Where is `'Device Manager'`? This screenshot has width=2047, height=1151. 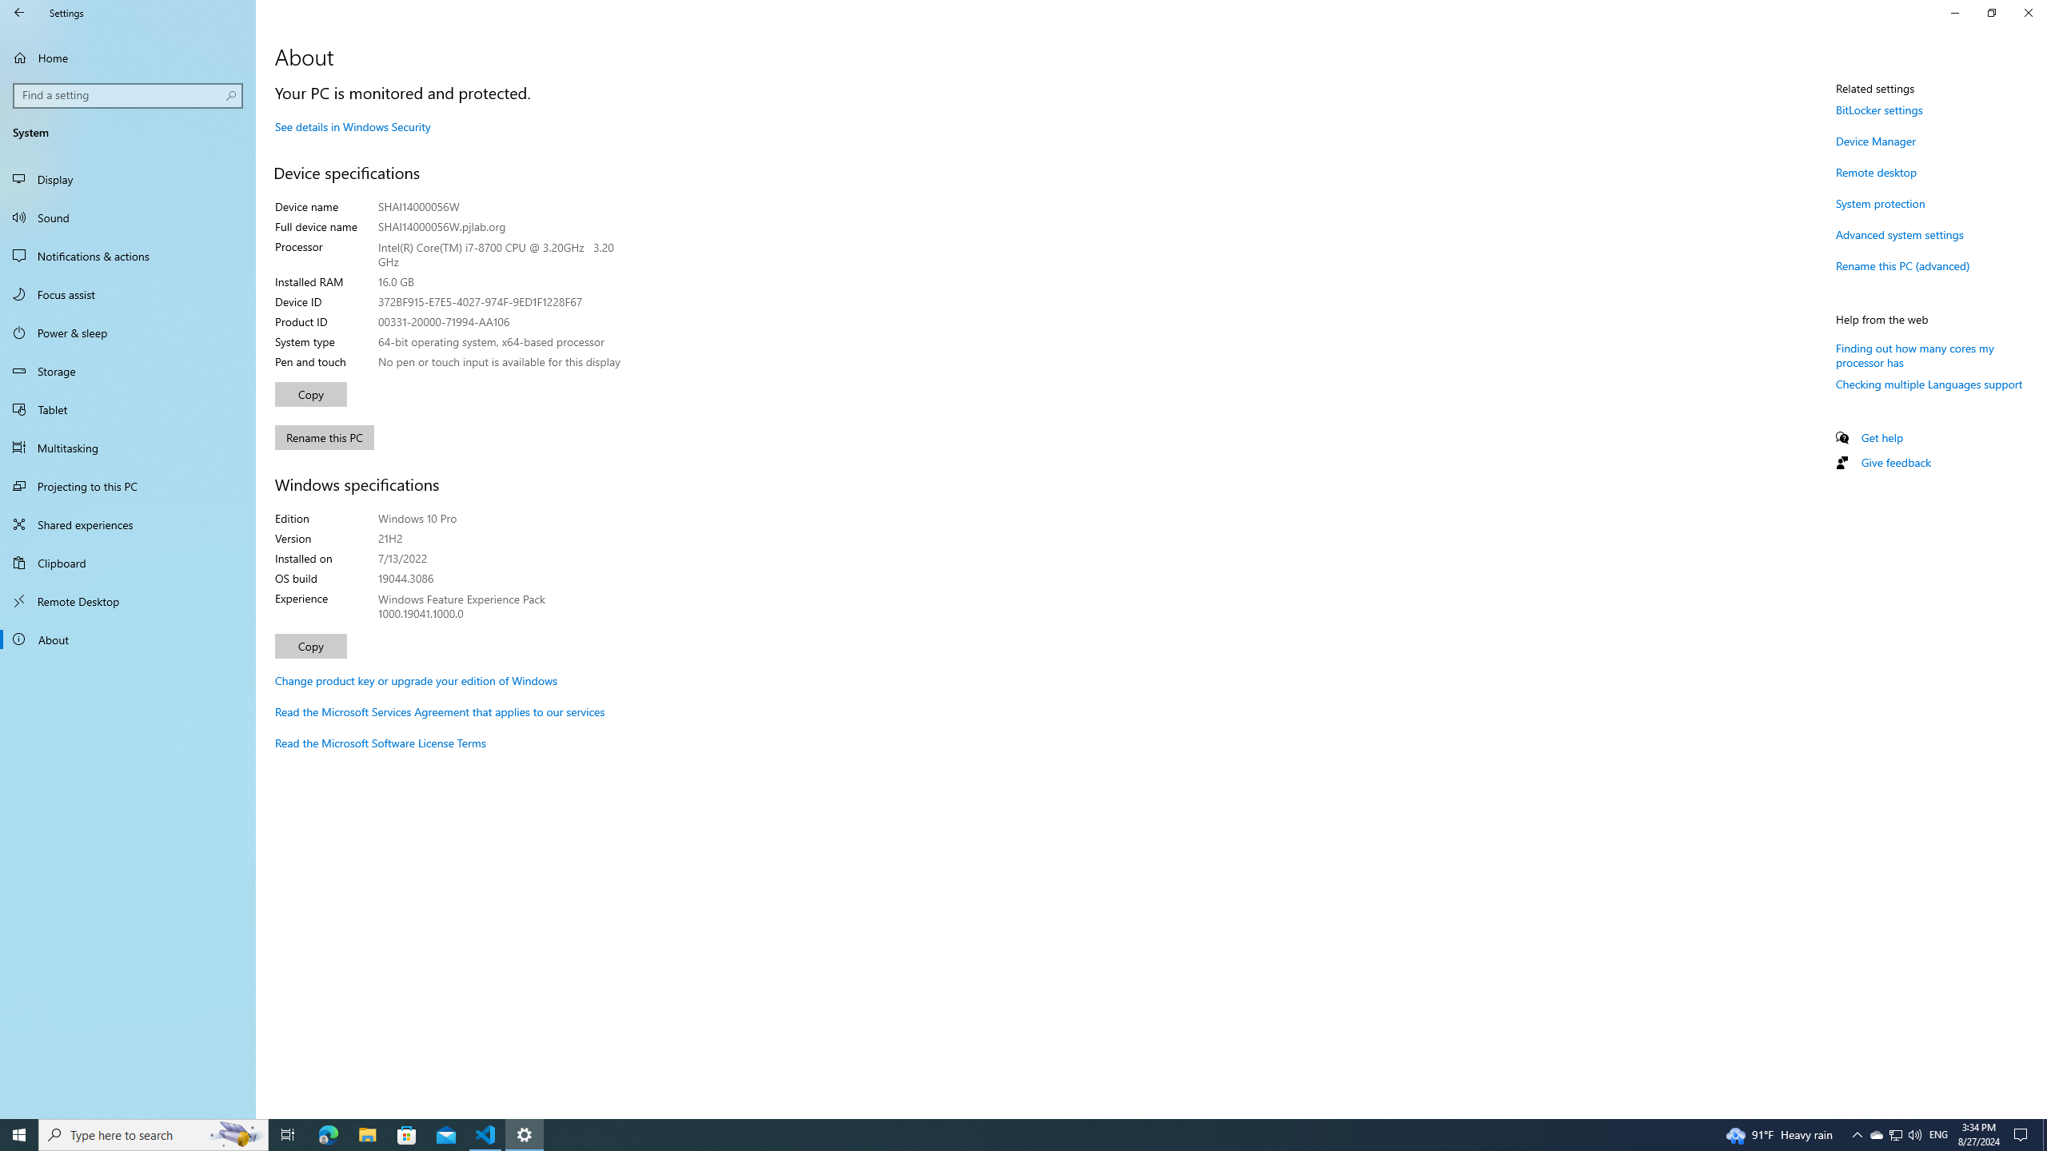 'Device Manager' is located at coordinates (1875, 141).